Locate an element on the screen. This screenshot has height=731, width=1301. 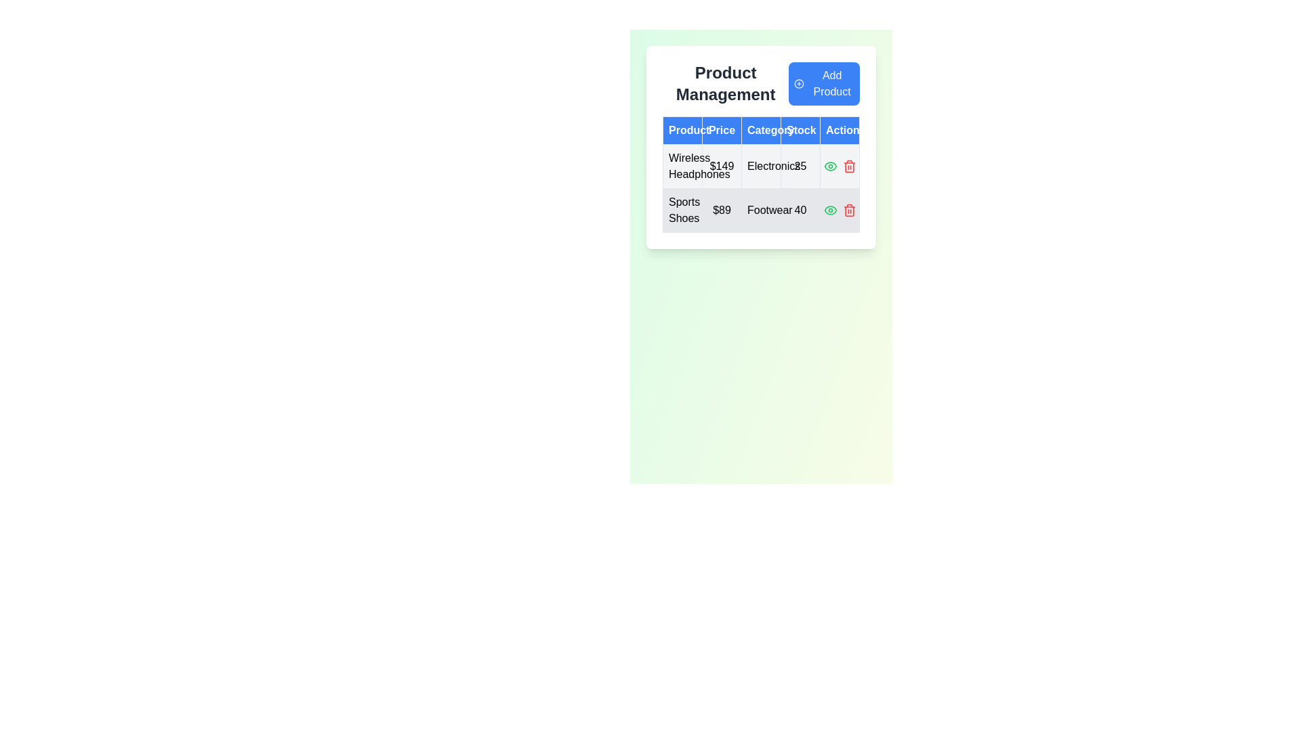
the button in the 'Action' column of the second row is located at coordinates (829, 211).